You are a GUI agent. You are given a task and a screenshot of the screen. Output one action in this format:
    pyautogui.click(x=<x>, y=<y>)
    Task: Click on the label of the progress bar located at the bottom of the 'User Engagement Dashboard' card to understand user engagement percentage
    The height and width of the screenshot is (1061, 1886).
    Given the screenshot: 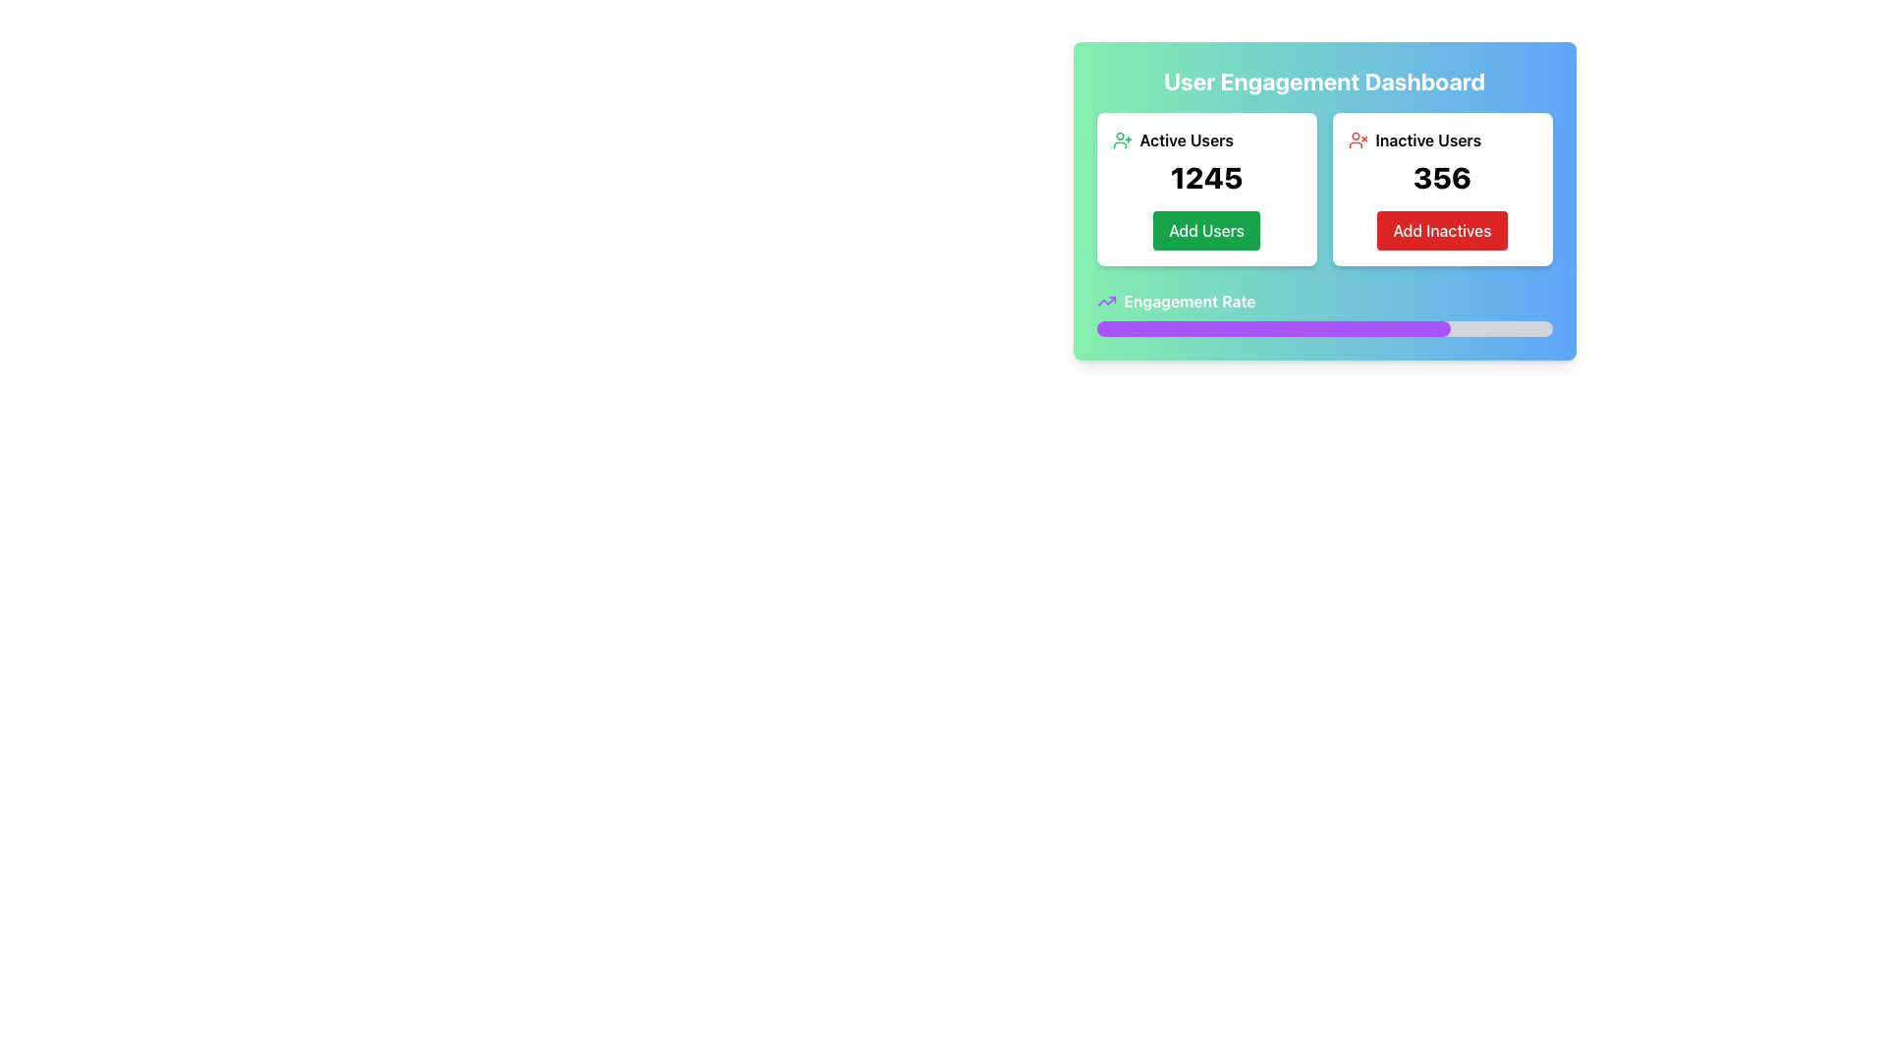 What is the action you would take?
    pyautogui.click(x=1324, y=312)
    